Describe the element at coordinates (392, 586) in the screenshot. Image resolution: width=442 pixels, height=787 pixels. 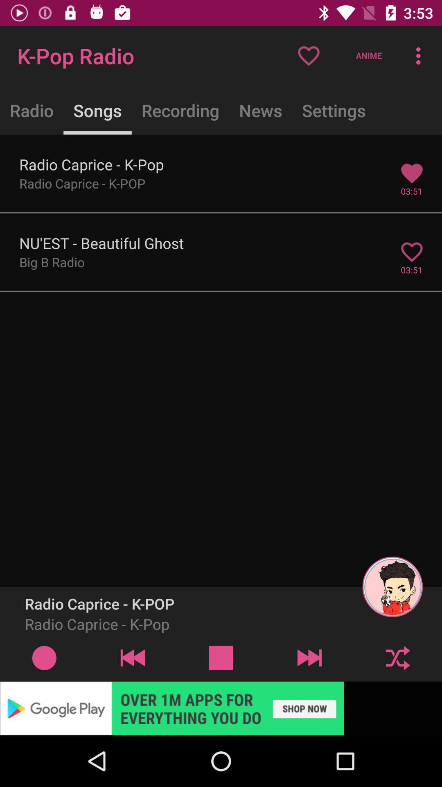
I see `the image of the bottom right` at that location.